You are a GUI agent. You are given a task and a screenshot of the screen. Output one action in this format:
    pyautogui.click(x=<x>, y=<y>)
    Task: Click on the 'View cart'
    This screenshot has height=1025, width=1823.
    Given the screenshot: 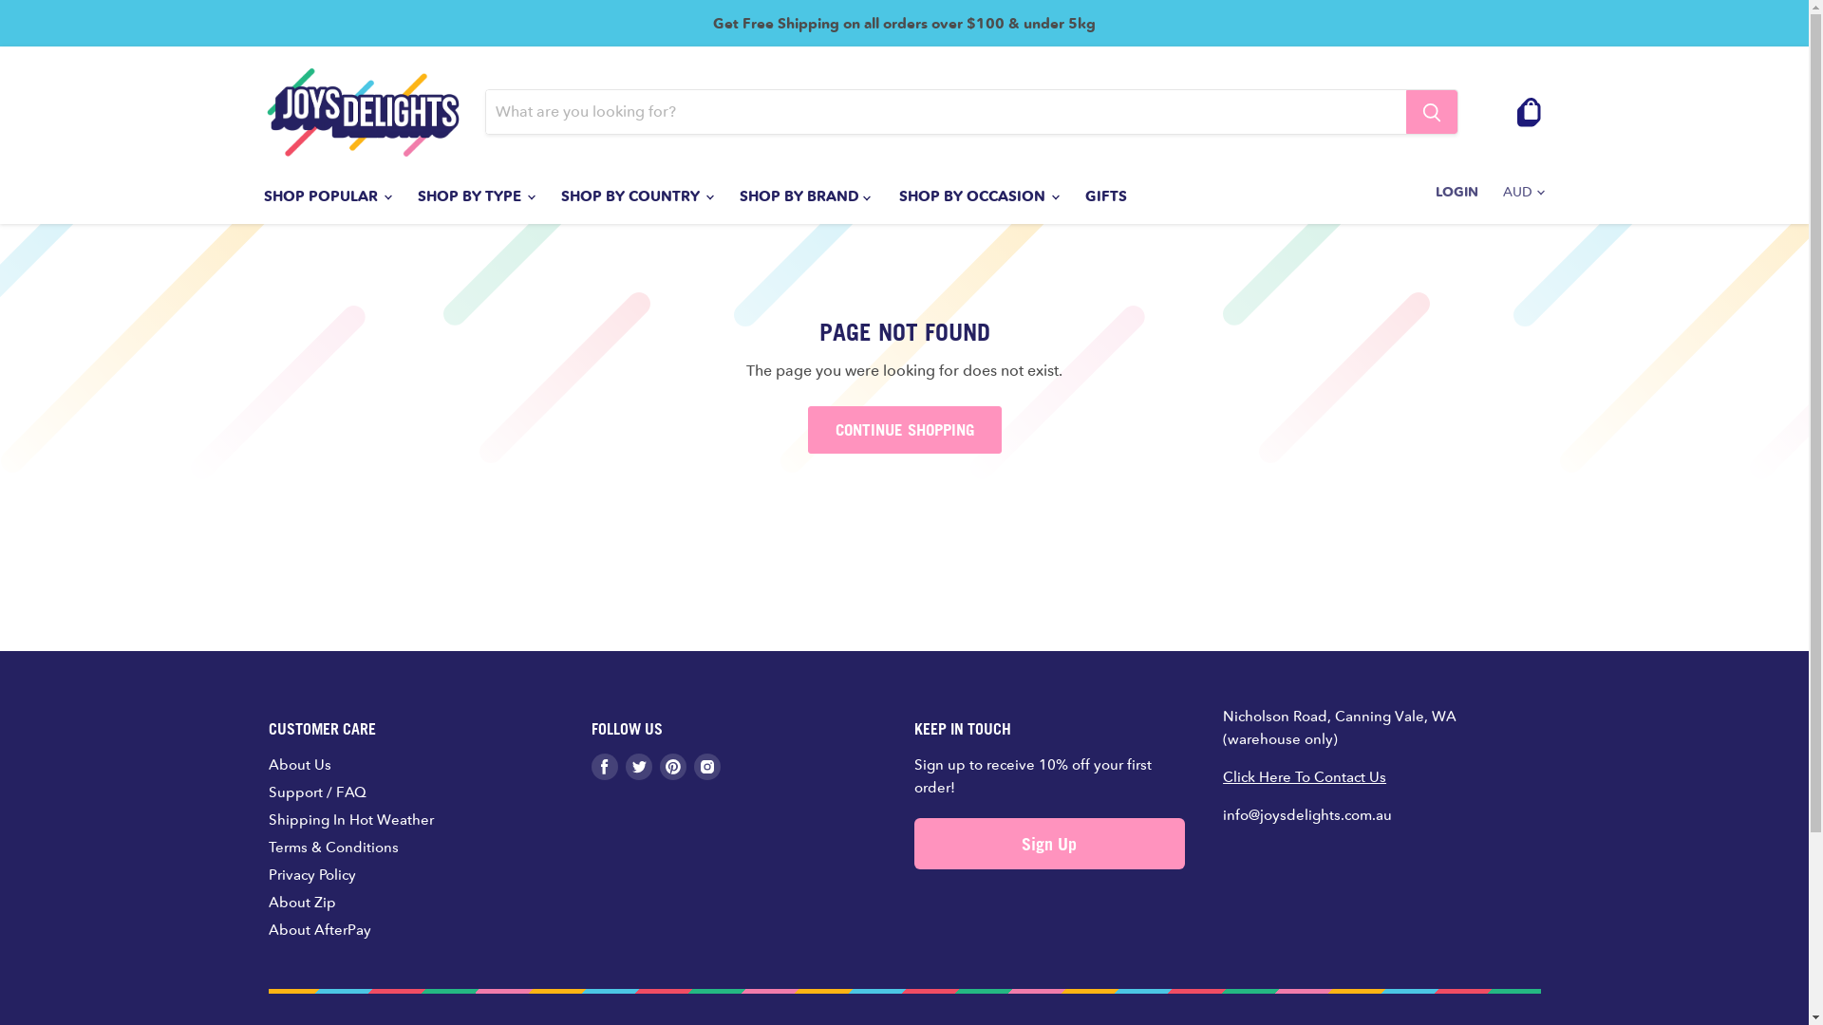 What is the action you would take?
    pyautogui.click(x=1529, y=112)
    